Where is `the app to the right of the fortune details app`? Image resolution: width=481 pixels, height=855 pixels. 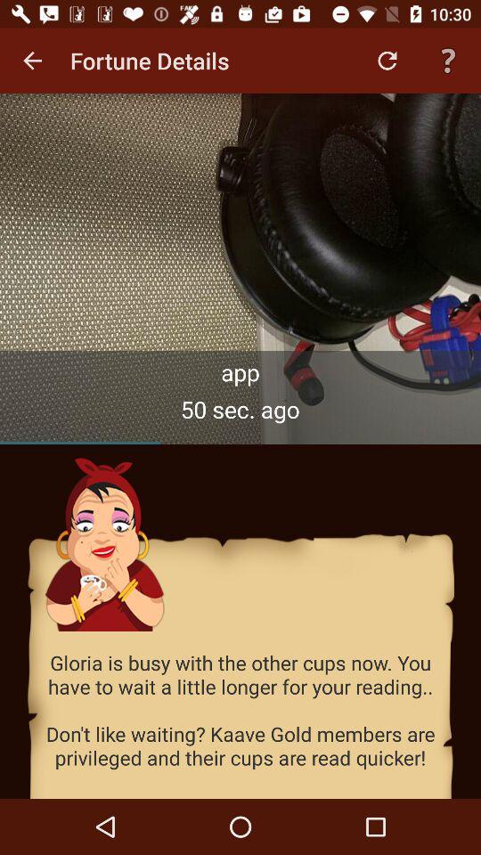
the app to the right of the fortune details app is located at coordinates (387, 61).